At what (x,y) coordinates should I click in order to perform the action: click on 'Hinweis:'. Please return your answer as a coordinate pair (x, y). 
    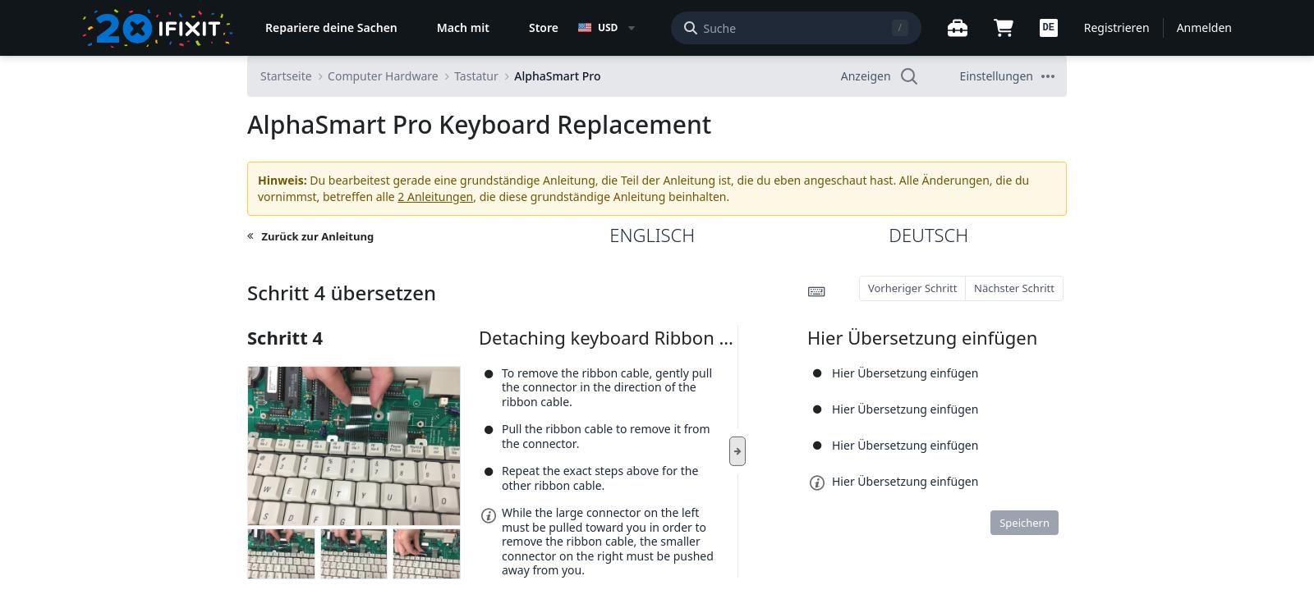
    Looking at the image, I should click on (282, 180).